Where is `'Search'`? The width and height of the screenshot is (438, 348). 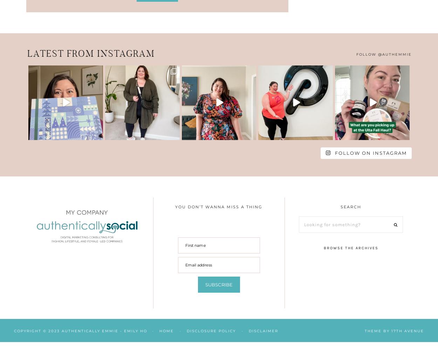 'Search' is located at coordinates (351, 207).